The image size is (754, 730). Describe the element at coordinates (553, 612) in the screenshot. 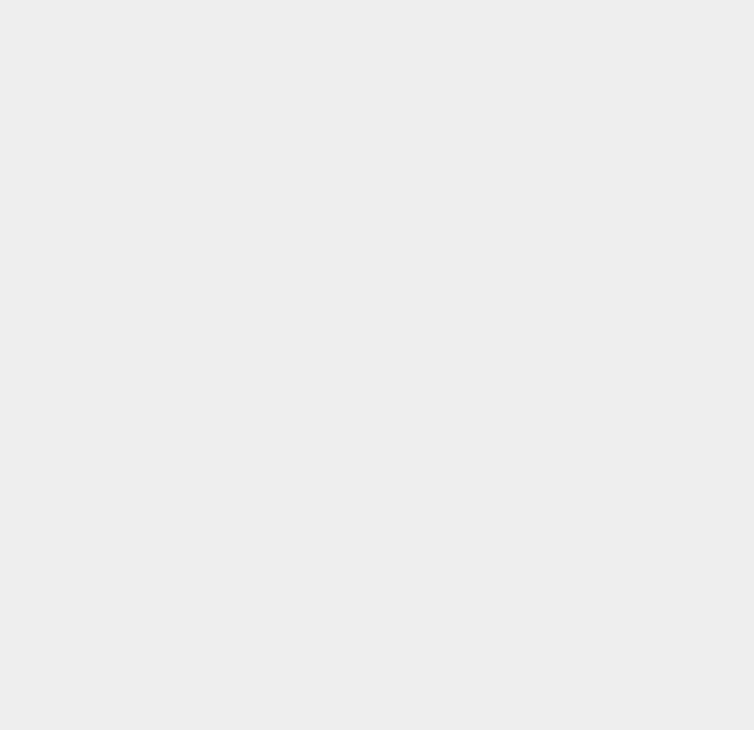

I see `'Android 8'` at that location.